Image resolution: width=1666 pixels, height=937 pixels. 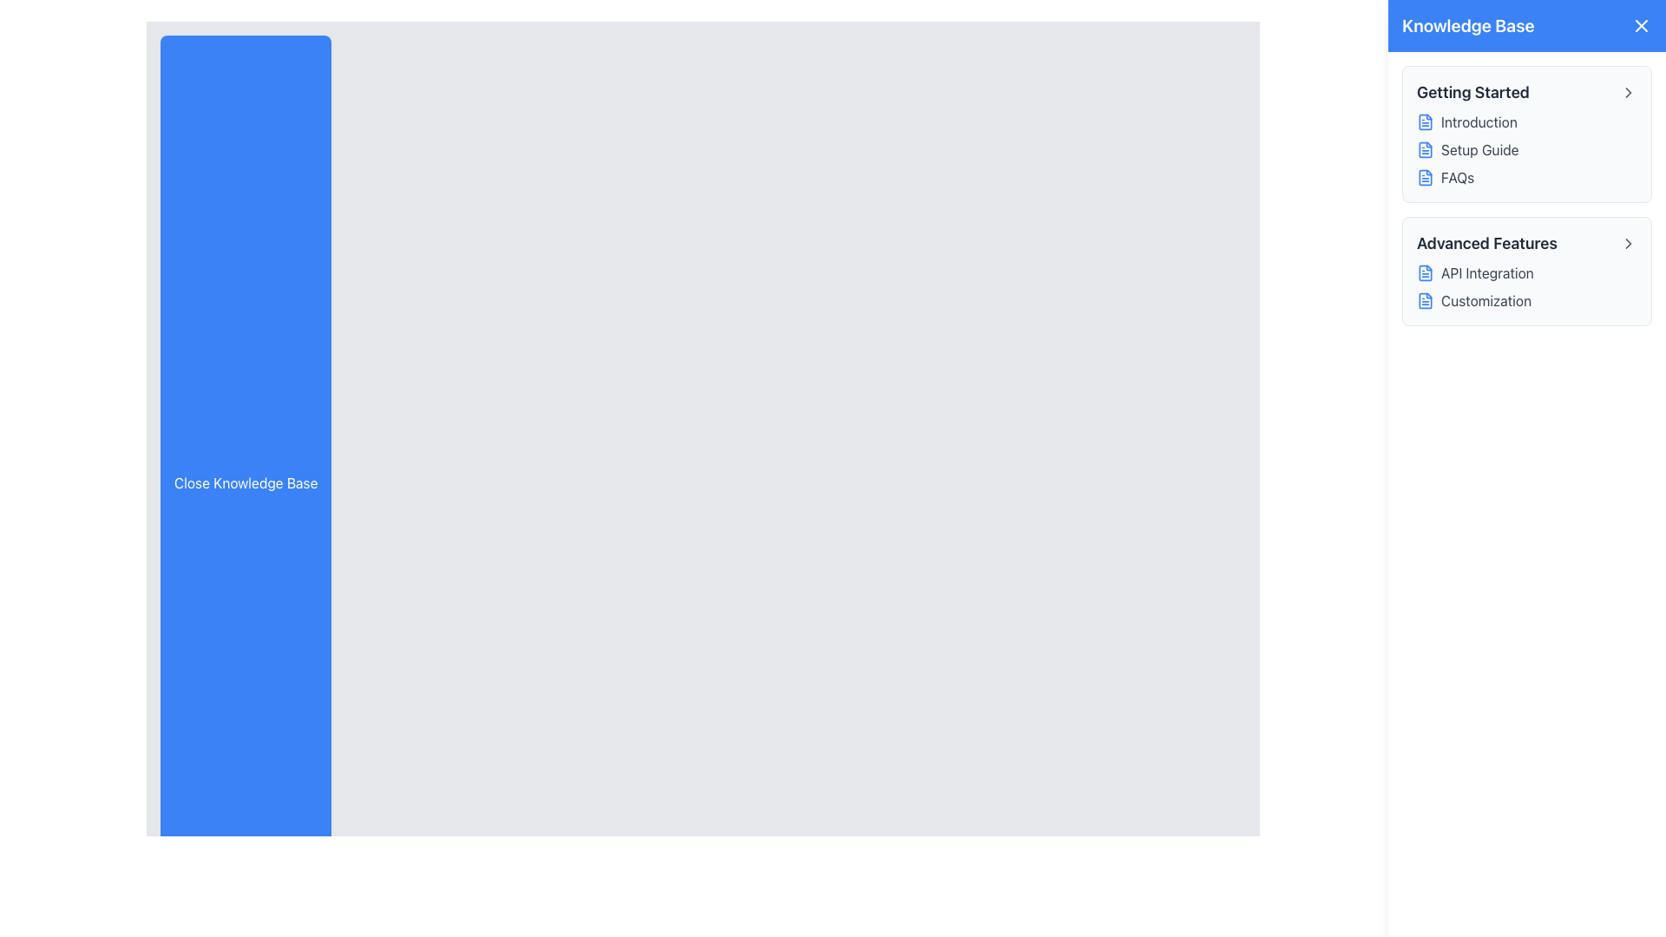 What do you see at coordinates (1627, 93) in the screenshot?
I see `the small right-facing chevron icon in the 'Knowledge Base' section` at bounding box center [1627, 93].